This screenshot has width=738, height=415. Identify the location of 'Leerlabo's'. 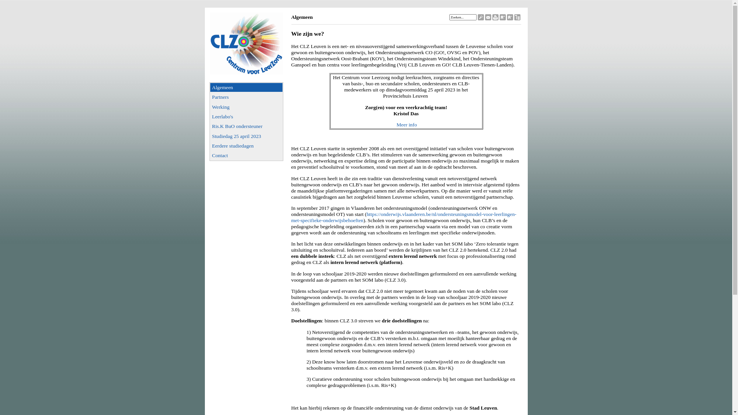
(246, 116).